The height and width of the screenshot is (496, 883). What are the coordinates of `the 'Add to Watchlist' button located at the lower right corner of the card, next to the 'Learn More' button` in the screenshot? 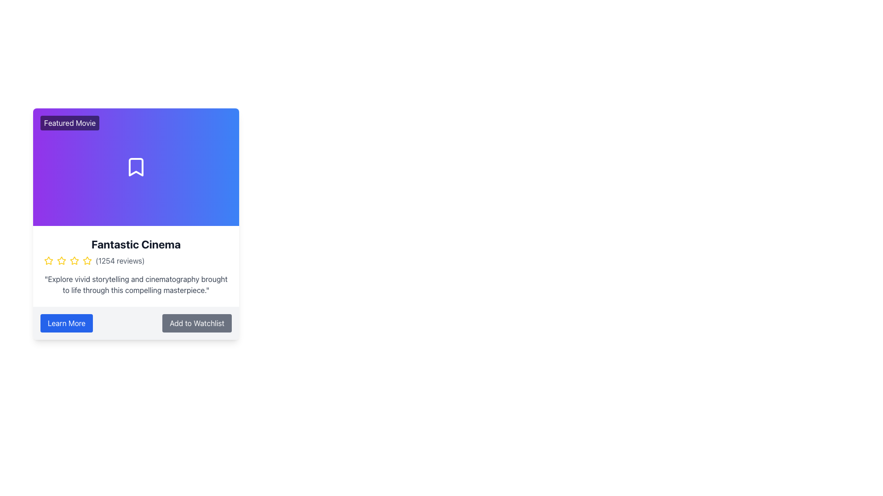 It's located at (196, 323).